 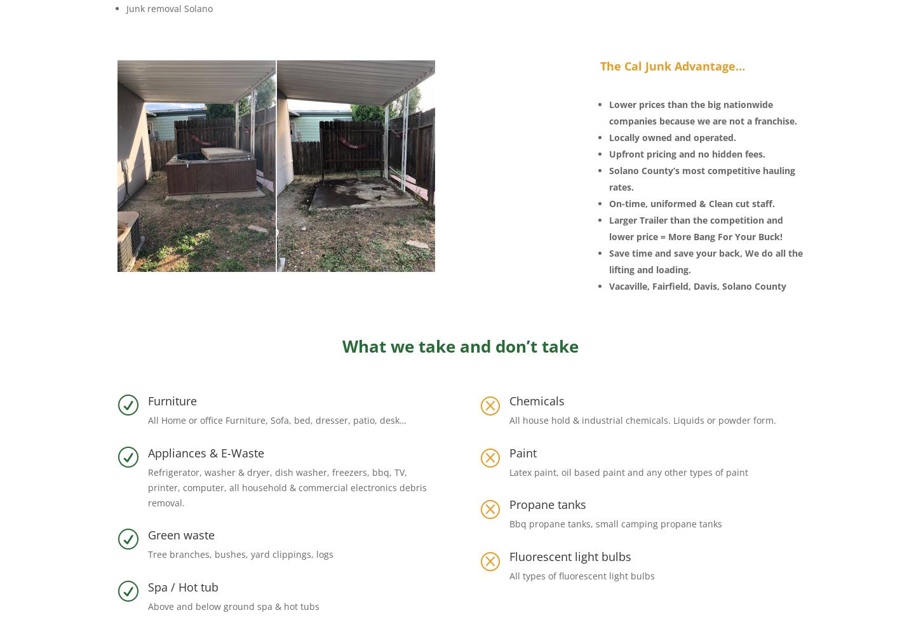 I want to click on 'Locally owned and operated.', so click(x=672, y=137).